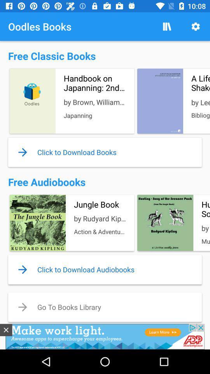  What do you see at coordinates (105, 269) in the screenshot?
I see `the bottom of second text` at bounding box center [105, 269].